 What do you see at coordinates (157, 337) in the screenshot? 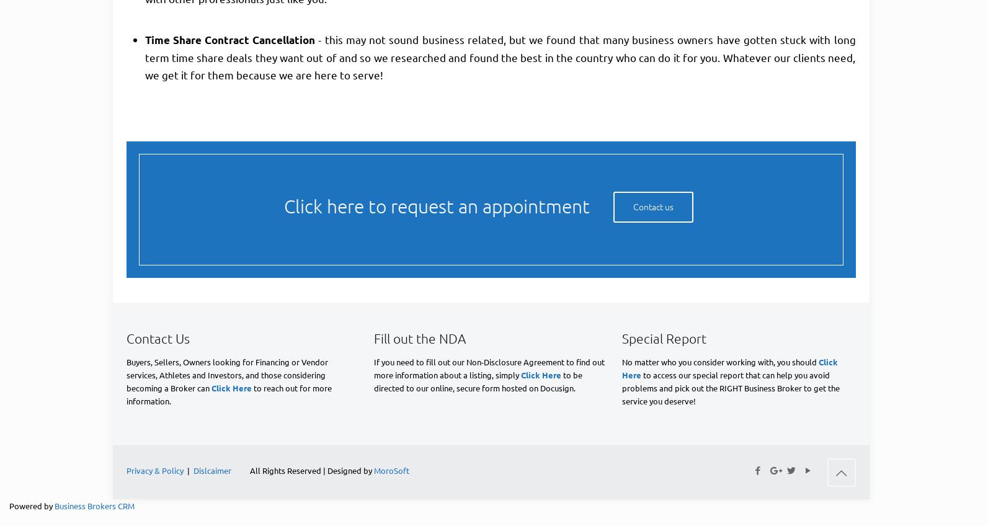
I see `'Contact Us'` at bounding box center [157, 337].